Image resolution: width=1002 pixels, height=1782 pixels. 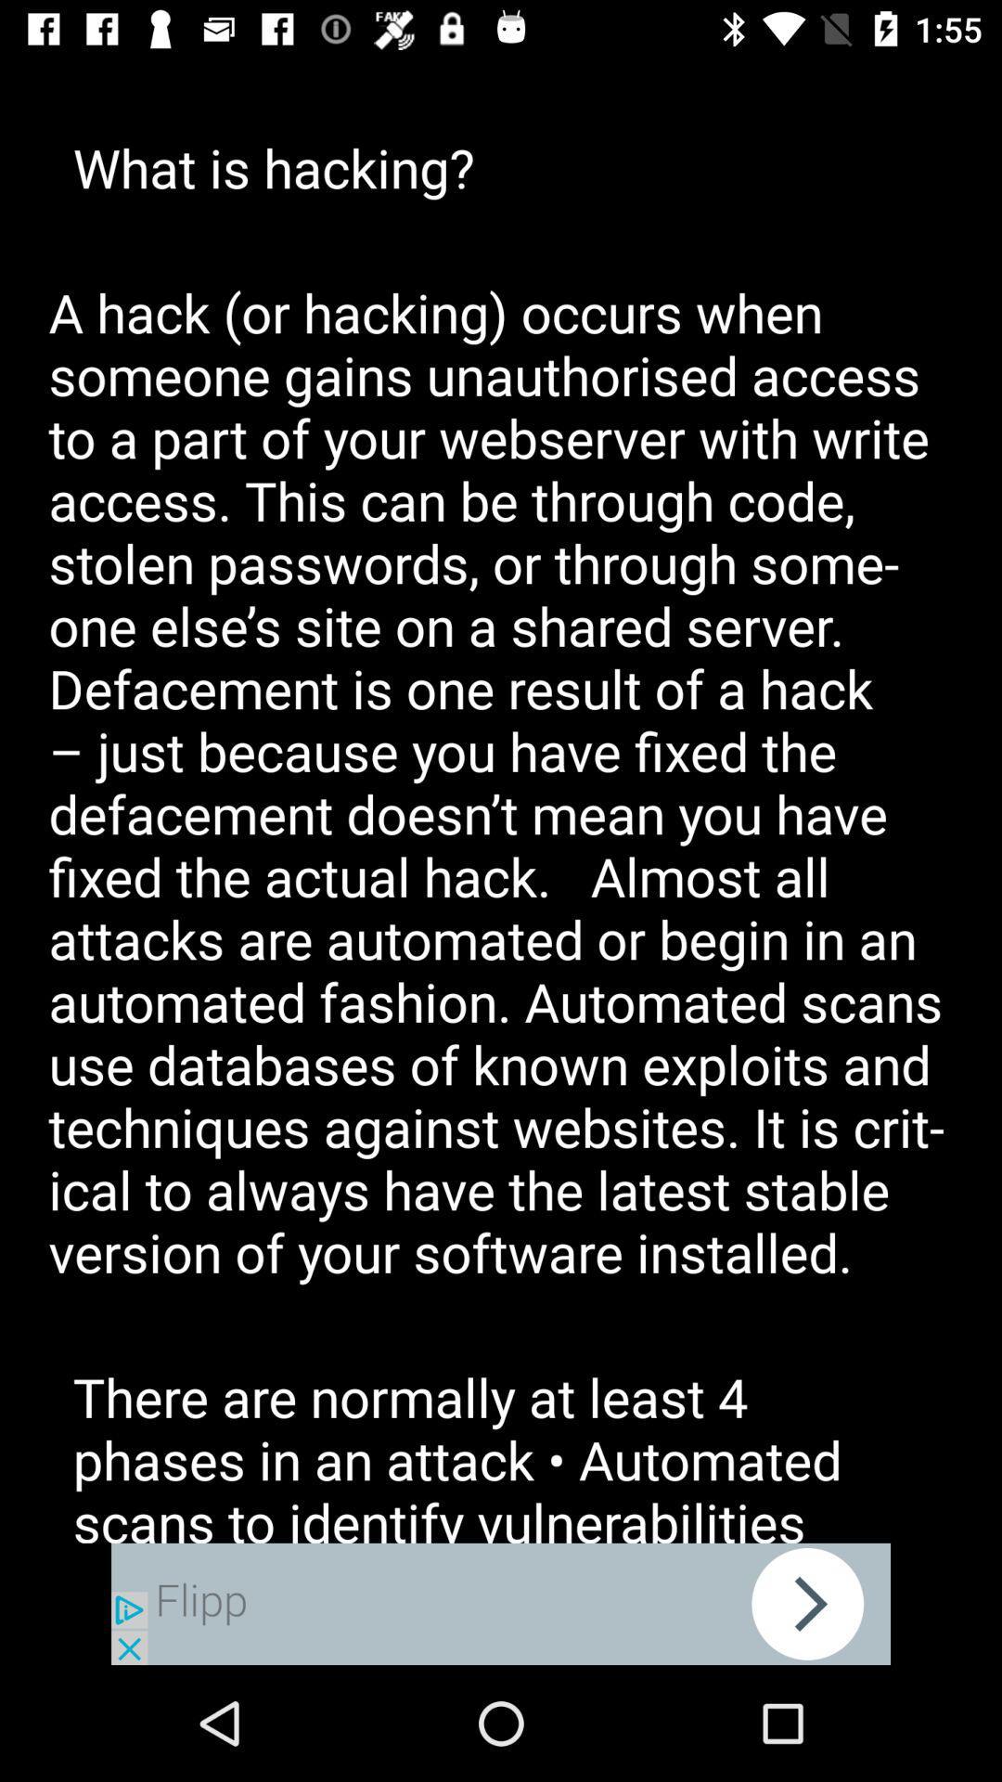 What do you see at coordinates (501, 1603) in the screenshot?
I see `search` at bounding box center [501, 1603].